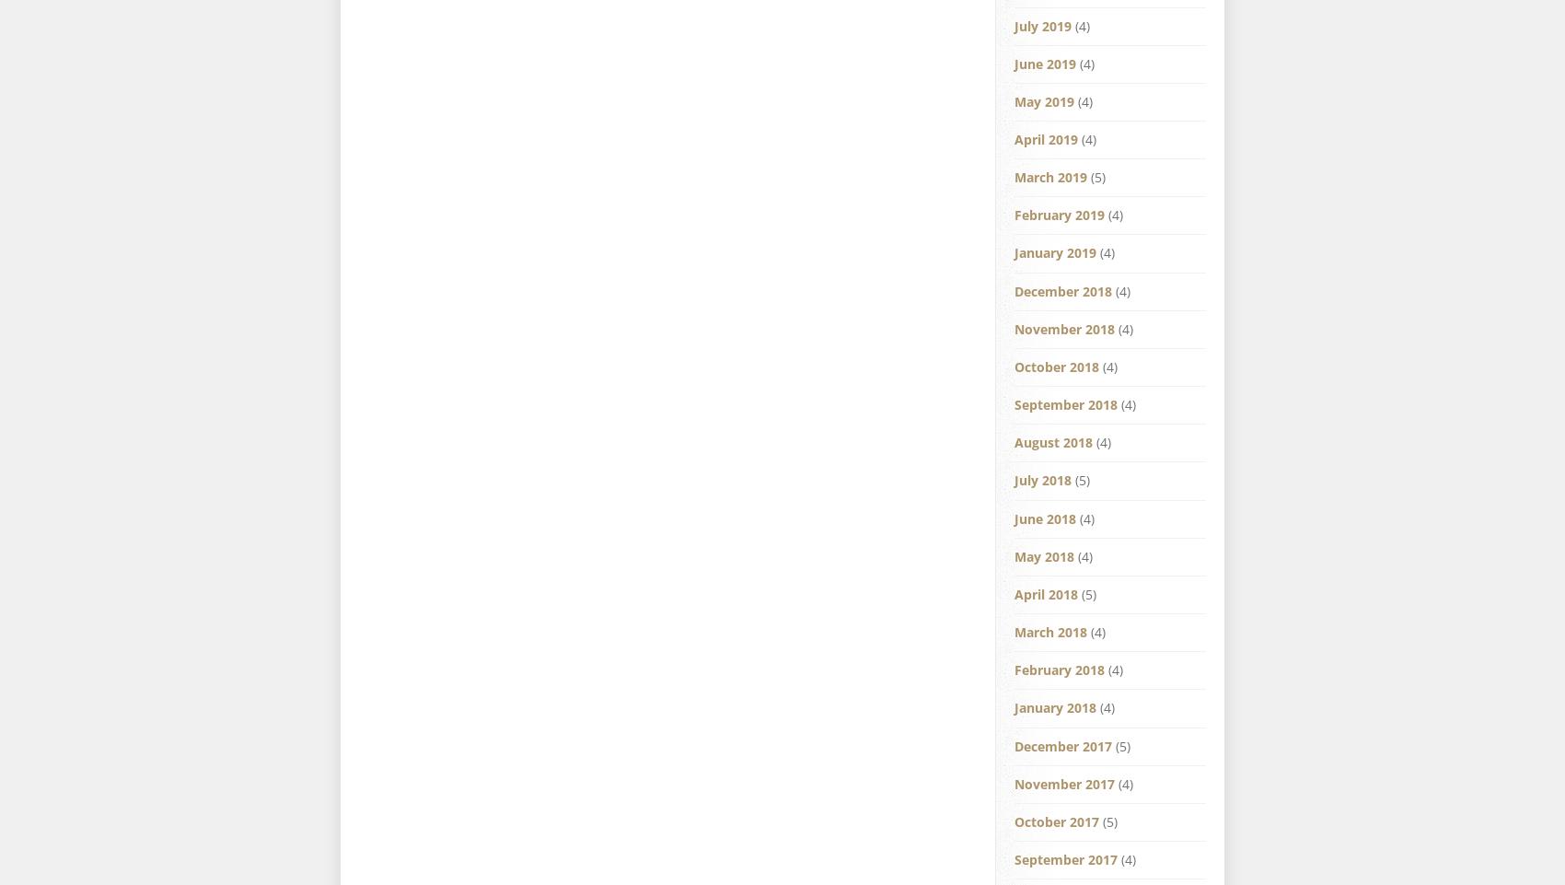  Describe the element at coordinates (1014, 24) in the screenshot. I see `'July 2019'` at that location.